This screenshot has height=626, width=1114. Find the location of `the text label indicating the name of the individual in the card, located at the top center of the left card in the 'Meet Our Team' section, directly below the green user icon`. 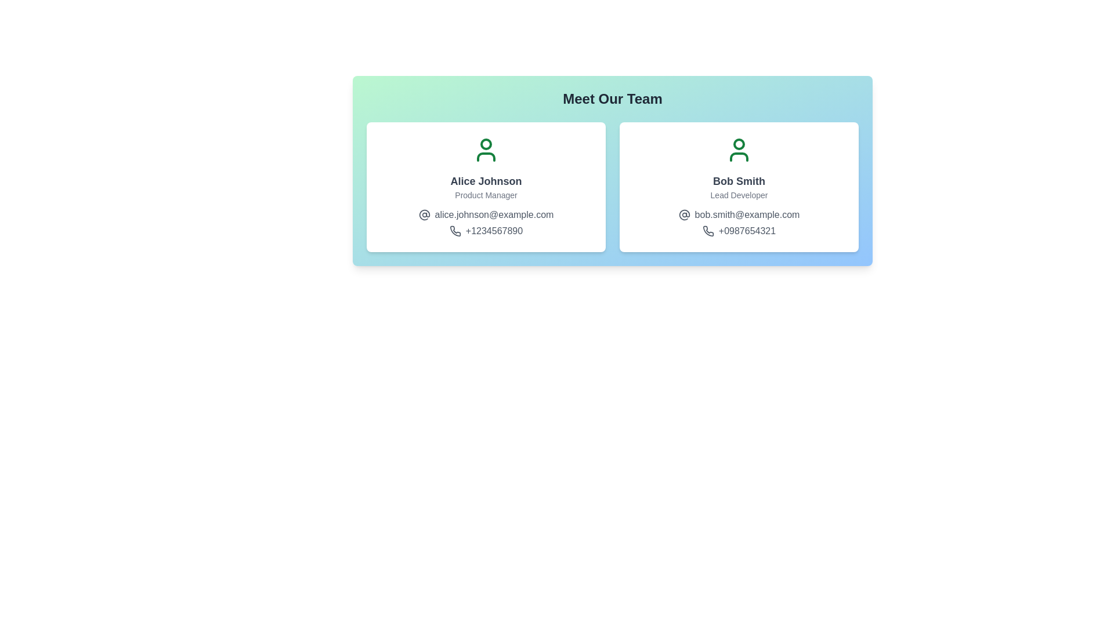

the text label indicating the name of the individual in the card, located at the top center of the left card in the 'Meet Our Team' section, directly below the green user icon is located at coordinates (486, 181).